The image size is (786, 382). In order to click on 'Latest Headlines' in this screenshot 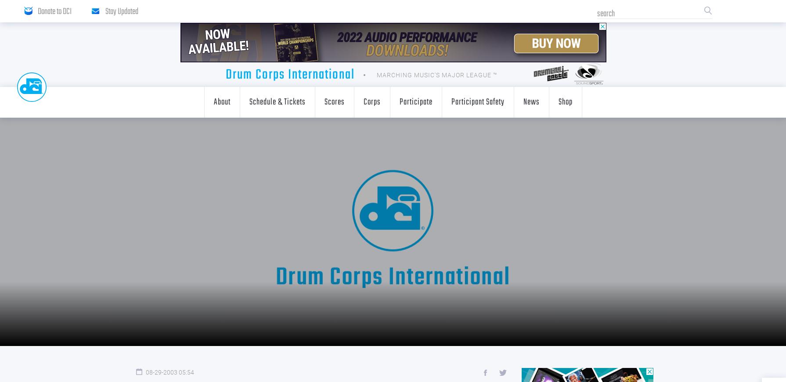, I will do `click(248, 155)`.